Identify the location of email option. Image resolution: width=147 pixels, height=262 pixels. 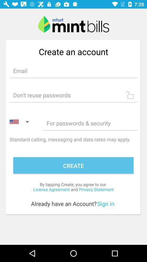
(73, 70).